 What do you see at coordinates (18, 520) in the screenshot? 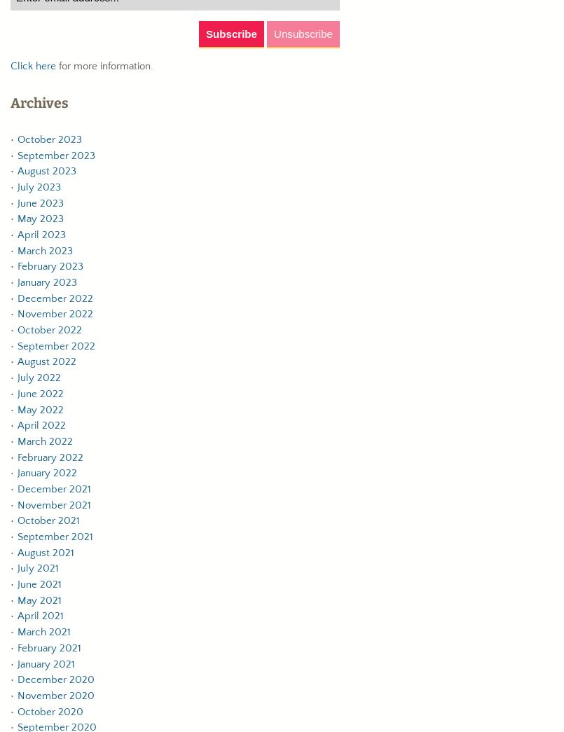
I see `'October 2021'` at bounding box center [18, 520].